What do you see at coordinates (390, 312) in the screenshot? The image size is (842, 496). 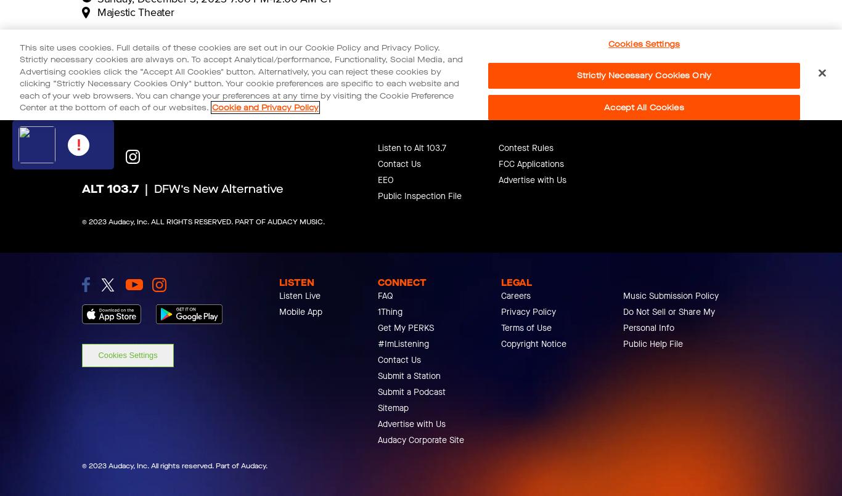 I see `'1Thing'` at bounding box center [390, 312].